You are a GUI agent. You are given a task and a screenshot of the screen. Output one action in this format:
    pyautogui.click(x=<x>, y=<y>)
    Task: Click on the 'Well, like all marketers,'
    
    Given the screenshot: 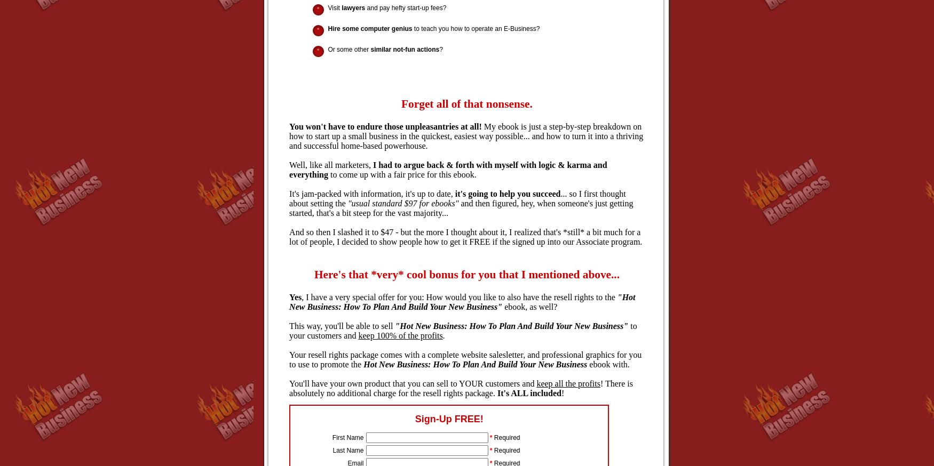 What is the action you would take?
    pyautogui.click(x=331, y=164)
    